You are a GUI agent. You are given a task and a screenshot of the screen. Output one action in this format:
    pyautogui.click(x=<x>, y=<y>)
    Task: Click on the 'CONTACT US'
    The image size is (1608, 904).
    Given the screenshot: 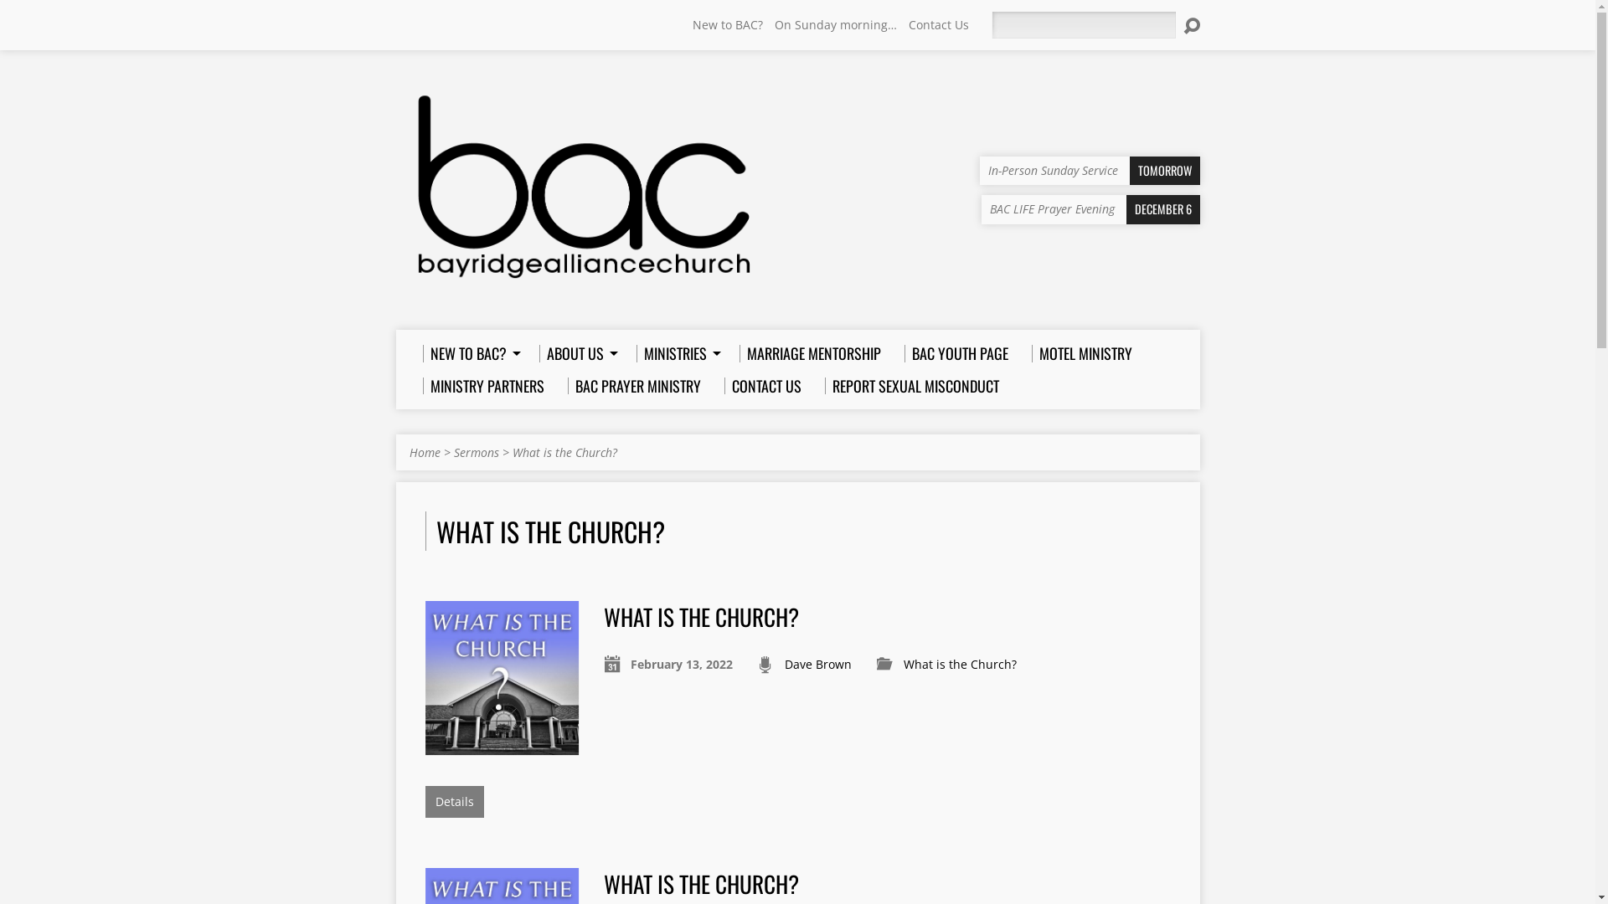 What is the action you would take?
    pyautogui.click(x=761, y=386)
    